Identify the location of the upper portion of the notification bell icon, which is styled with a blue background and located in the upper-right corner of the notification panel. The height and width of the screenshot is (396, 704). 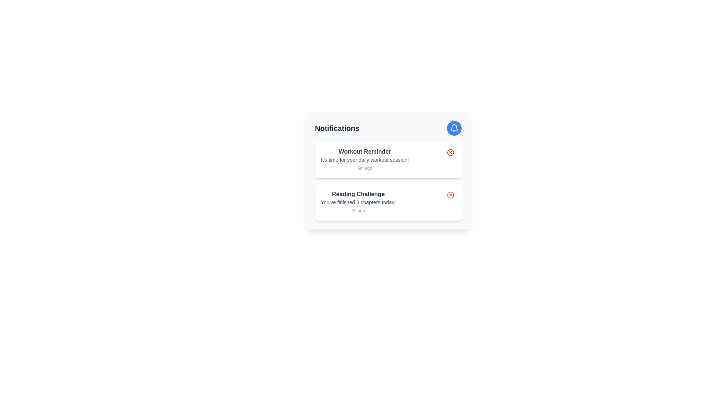
(454, 127).